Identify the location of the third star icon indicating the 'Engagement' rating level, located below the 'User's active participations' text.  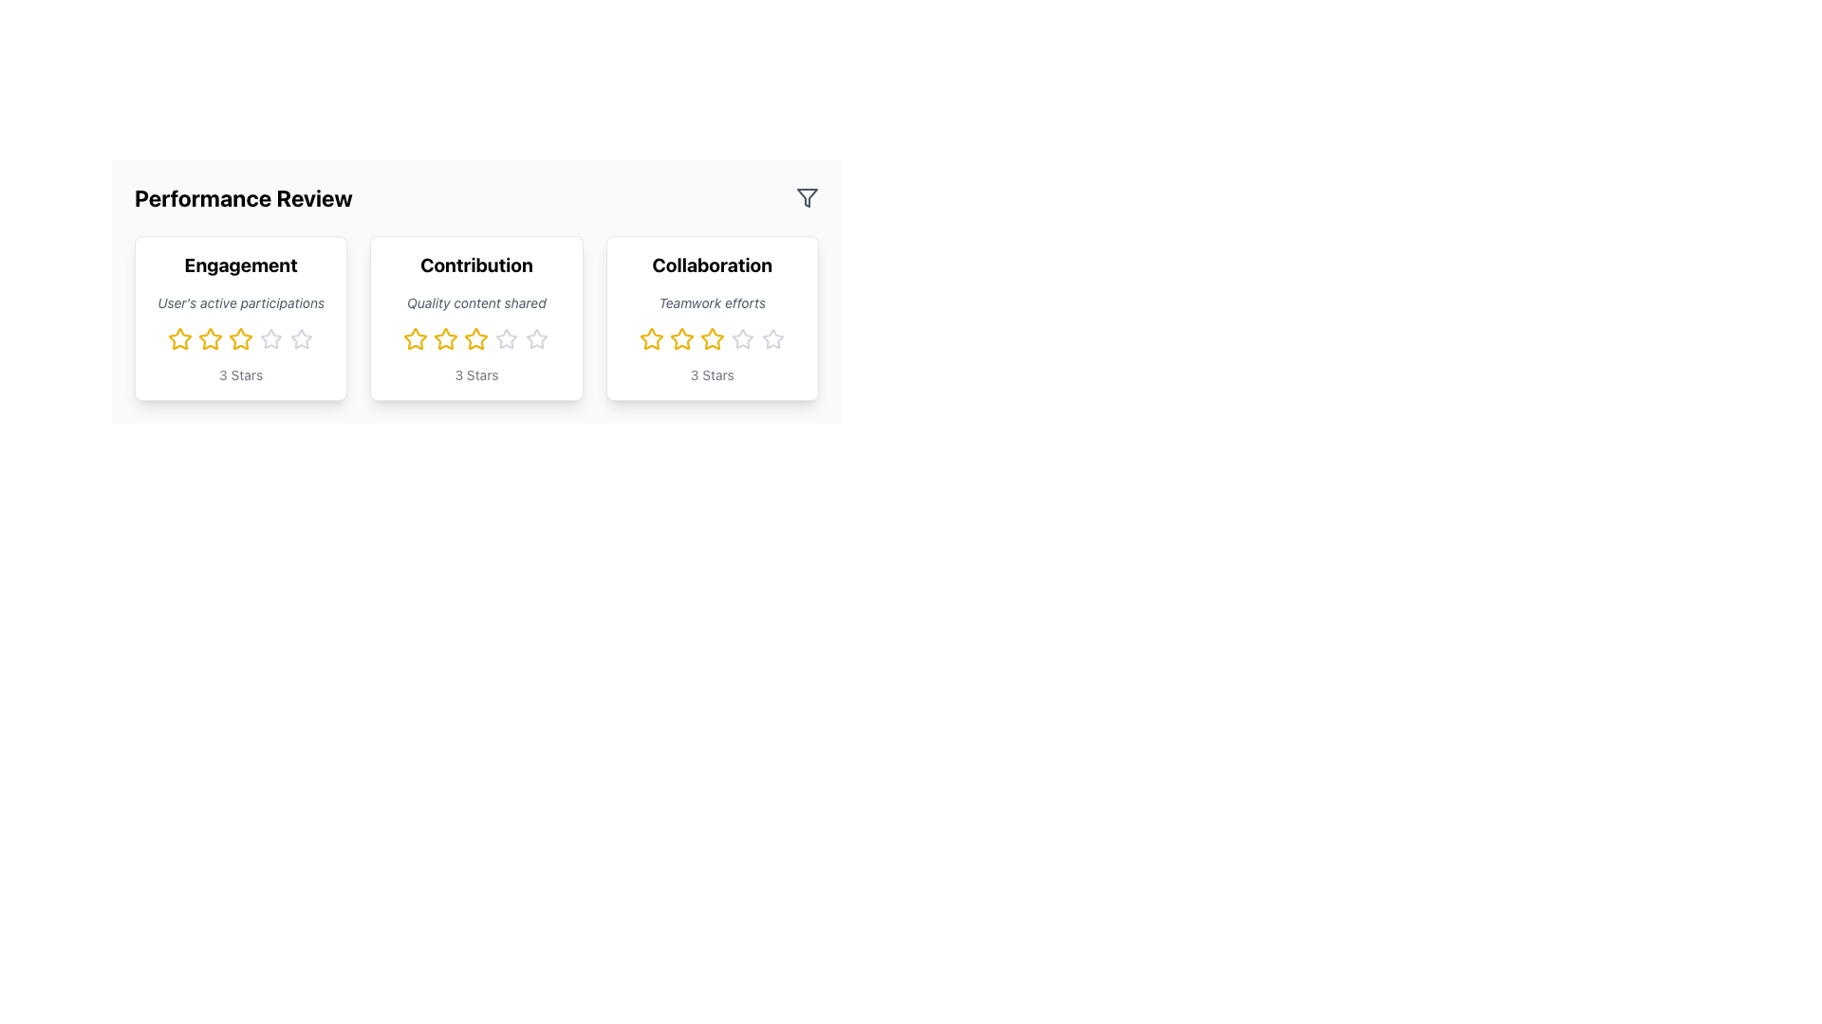
(240, 338).